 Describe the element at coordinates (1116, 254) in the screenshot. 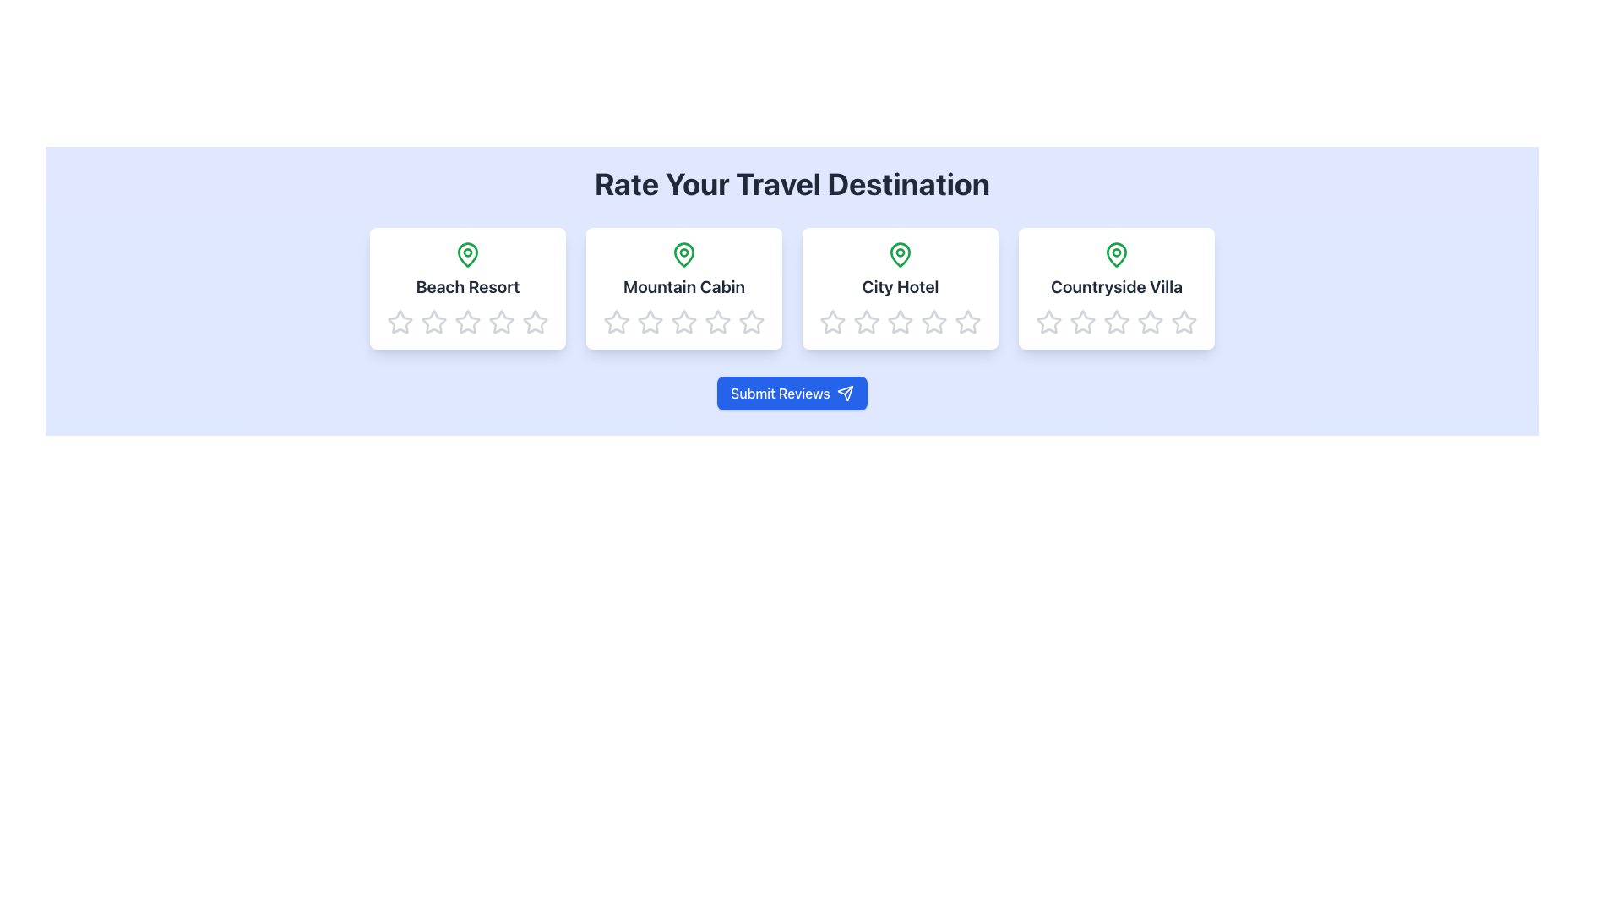

I see `the green map pin icon located at the top-center of the 'Countryside Villa' card, which is positioned directly above the label 'Countryside Villa' and over the stars-based rating section` at that location.